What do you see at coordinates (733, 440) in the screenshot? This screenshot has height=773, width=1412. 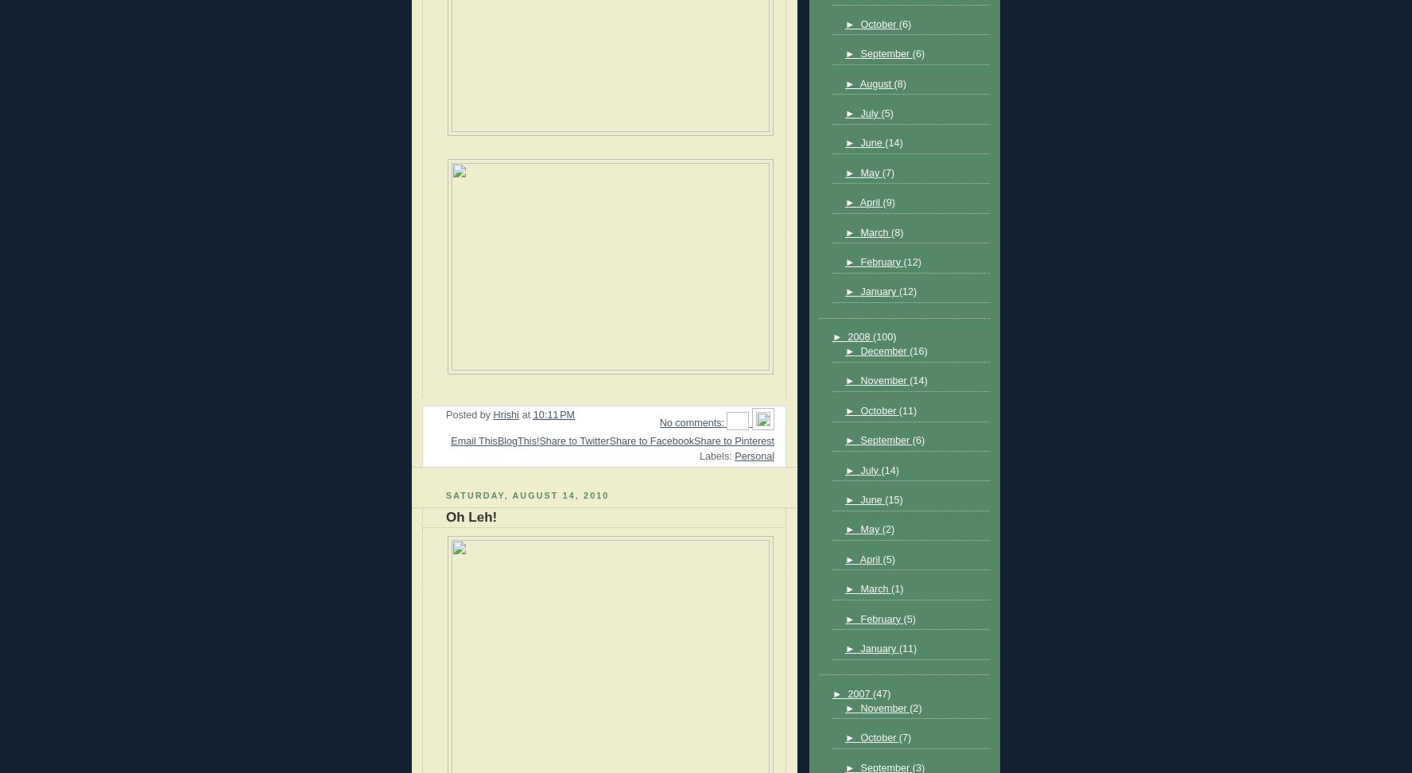 I see `'Share to Pinterest'` at bounding box center [733, 440].